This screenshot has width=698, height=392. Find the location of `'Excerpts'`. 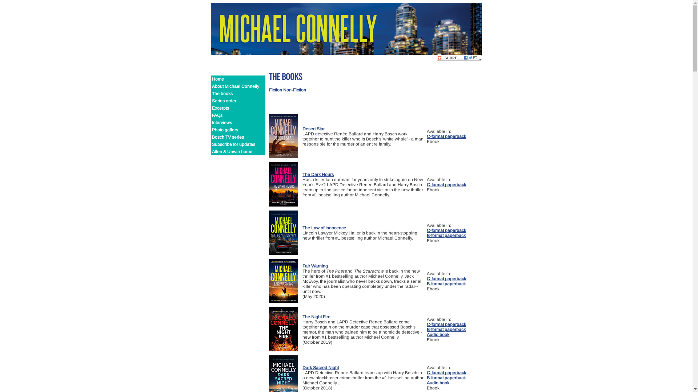

'Excerpts' is located at coordinates (238, 108).